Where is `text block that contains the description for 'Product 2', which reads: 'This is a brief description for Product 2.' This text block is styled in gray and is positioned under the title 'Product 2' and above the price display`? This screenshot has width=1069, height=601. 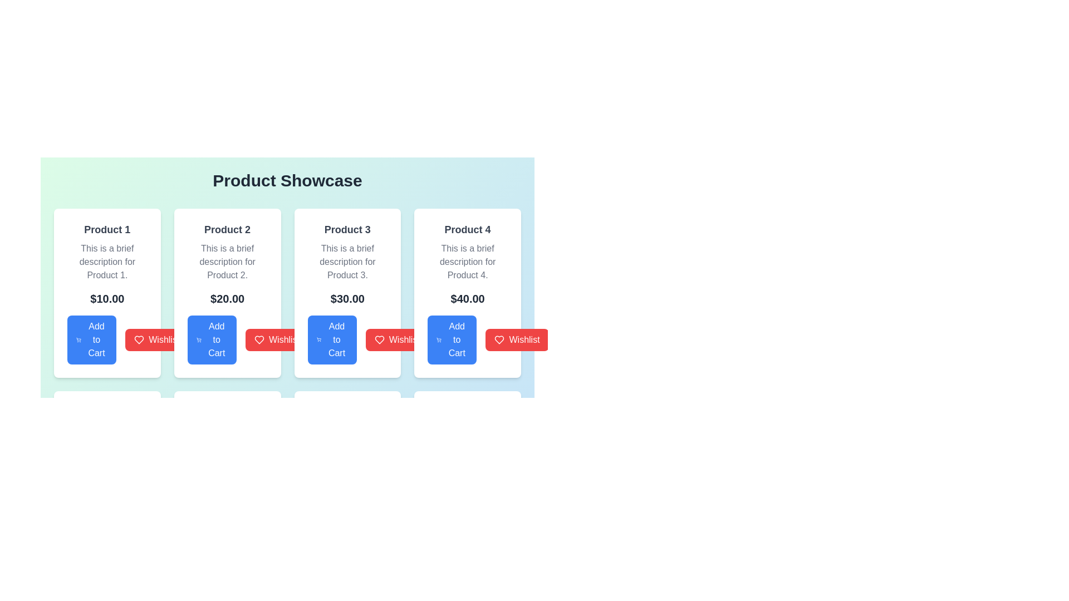
text block that contains the description for 'Product 2', which reads: 'This is a brief description for Product 2.' This text block is styled in gray and is positioned under the title 'Product 2' and above the price display is located at coordinates (227, 262).